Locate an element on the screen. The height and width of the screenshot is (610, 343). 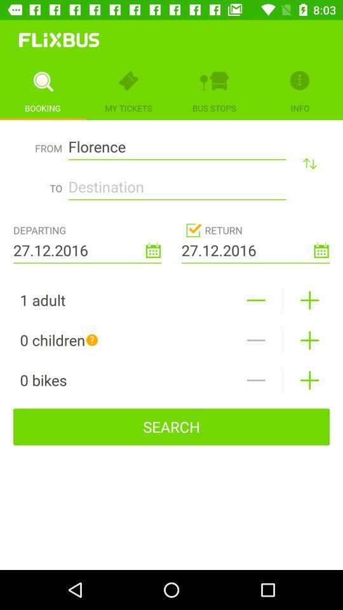
remove traveler is located at coordinates (256, 339).